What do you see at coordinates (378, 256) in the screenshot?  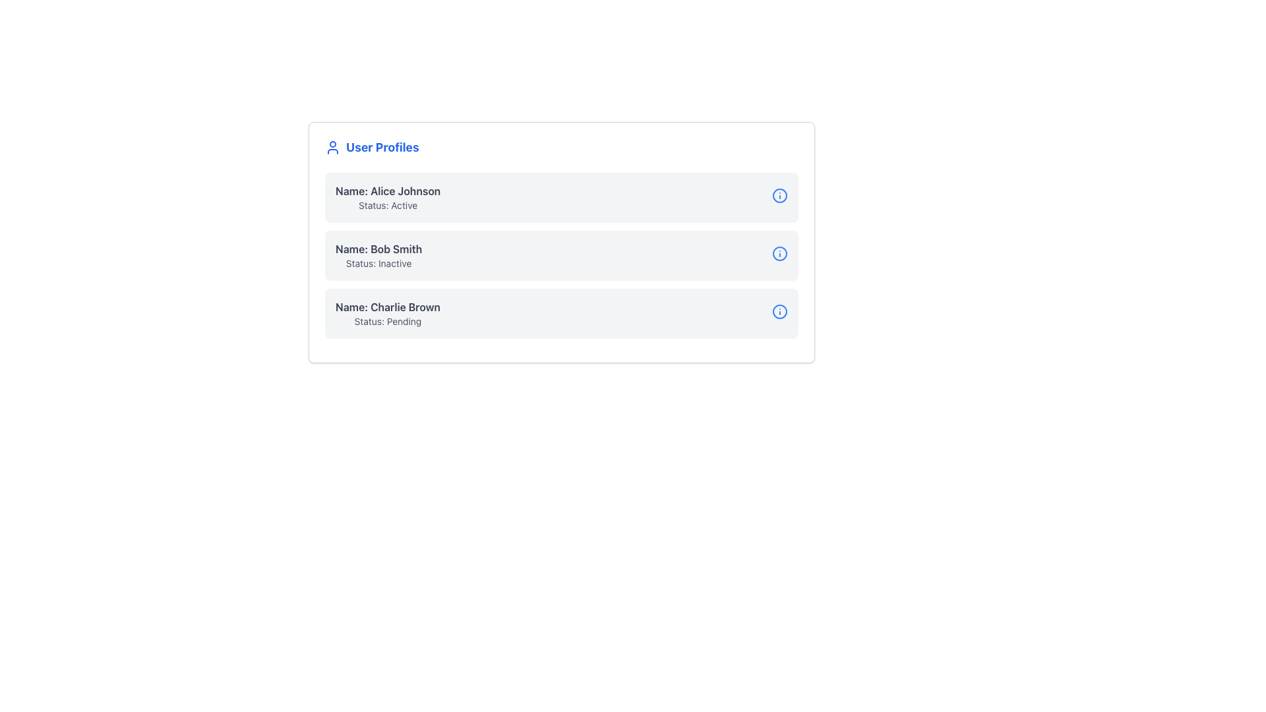 I see `displayed information from the Text Label that shows the user's name and status, specifically the second list item in the user profile section` at bounding box center [378, 256].